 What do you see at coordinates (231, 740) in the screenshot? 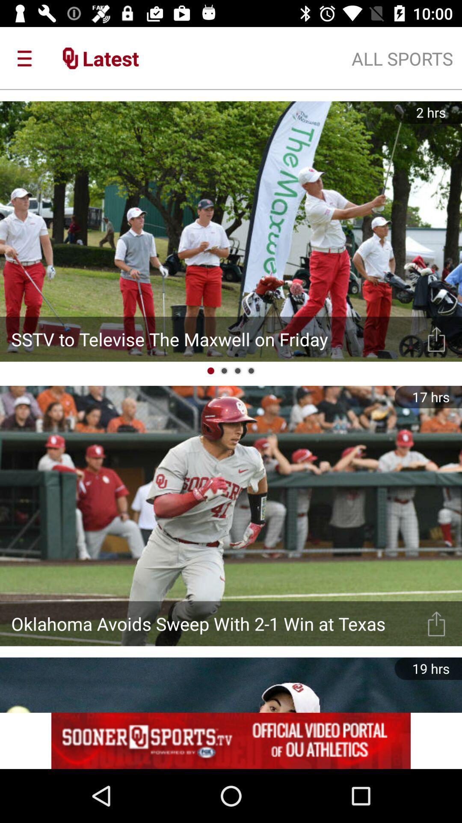
I see `advertisement` at bounding box center [231, 740].